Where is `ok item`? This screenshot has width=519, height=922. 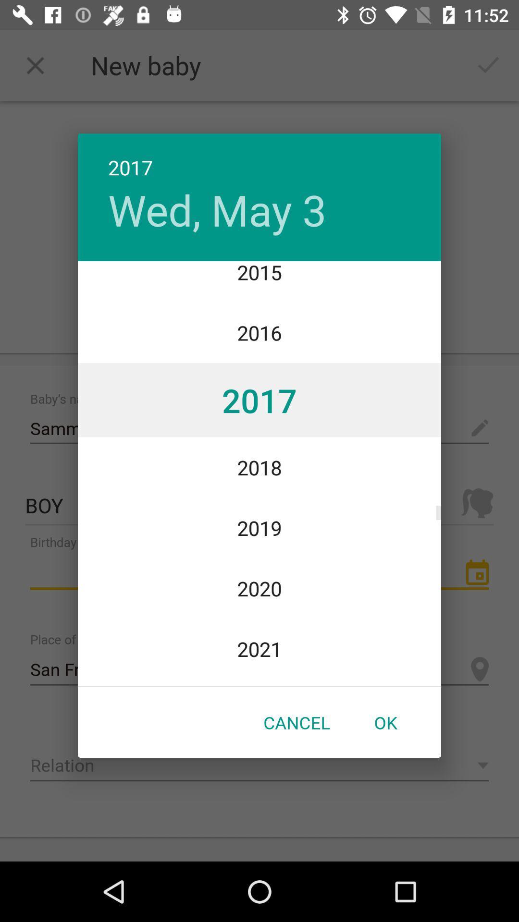 ok item is located at coordinates (385, 722).